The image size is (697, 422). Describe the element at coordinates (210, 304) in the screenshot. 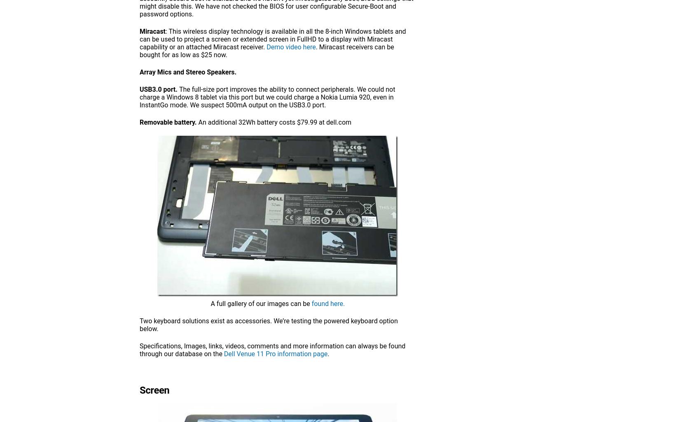

I see `'A full gallery of our images can be'` at that location.